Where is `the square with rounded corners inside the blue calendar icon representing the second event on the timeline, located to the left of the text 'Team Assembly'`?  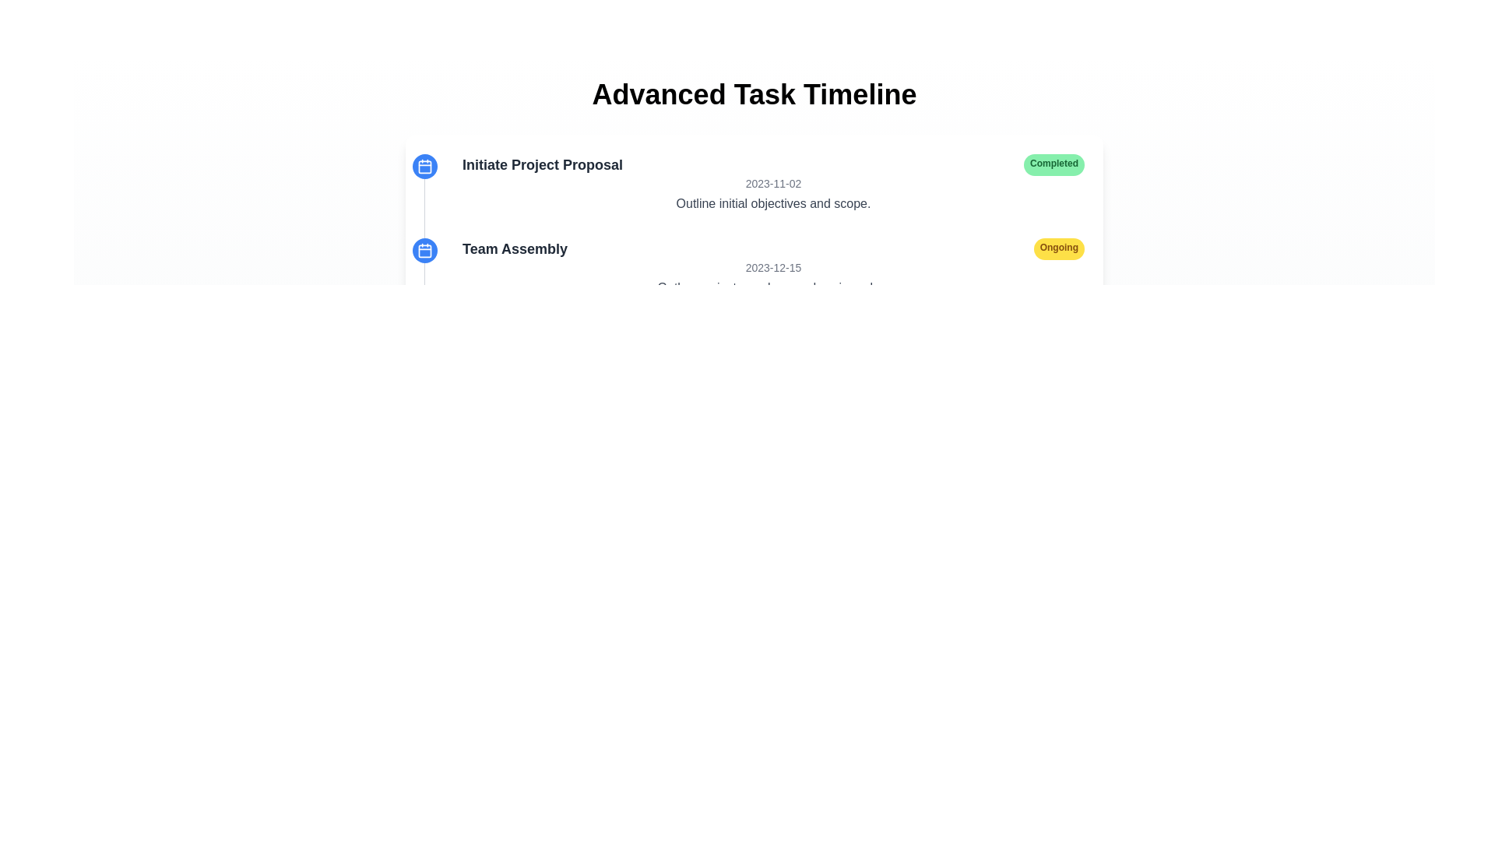 the square with rounded corners inside the blue calendar icon representing the second event on the timeline, located to the left of the text 'Team Assembly' is located at coordinates (425, 249).